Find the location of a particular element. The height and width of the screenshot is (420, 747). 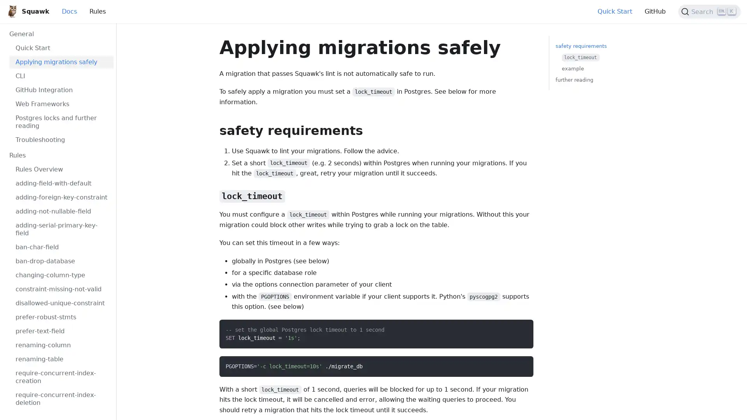

Copy code to clipboard is located at coordinates (521, 364).